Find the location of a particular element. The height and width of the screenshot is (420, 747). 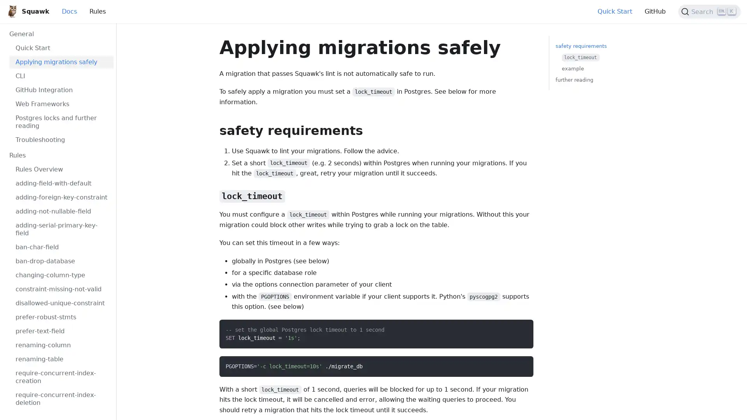

Copy code to clipboard is located at coordinates (521, 364).